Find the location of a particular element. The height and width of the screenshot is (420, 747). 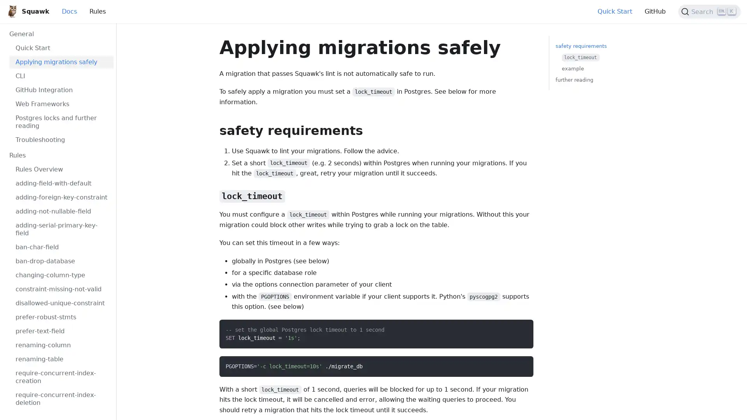

Copy code to clipboard is located at coordinates (521, 364).